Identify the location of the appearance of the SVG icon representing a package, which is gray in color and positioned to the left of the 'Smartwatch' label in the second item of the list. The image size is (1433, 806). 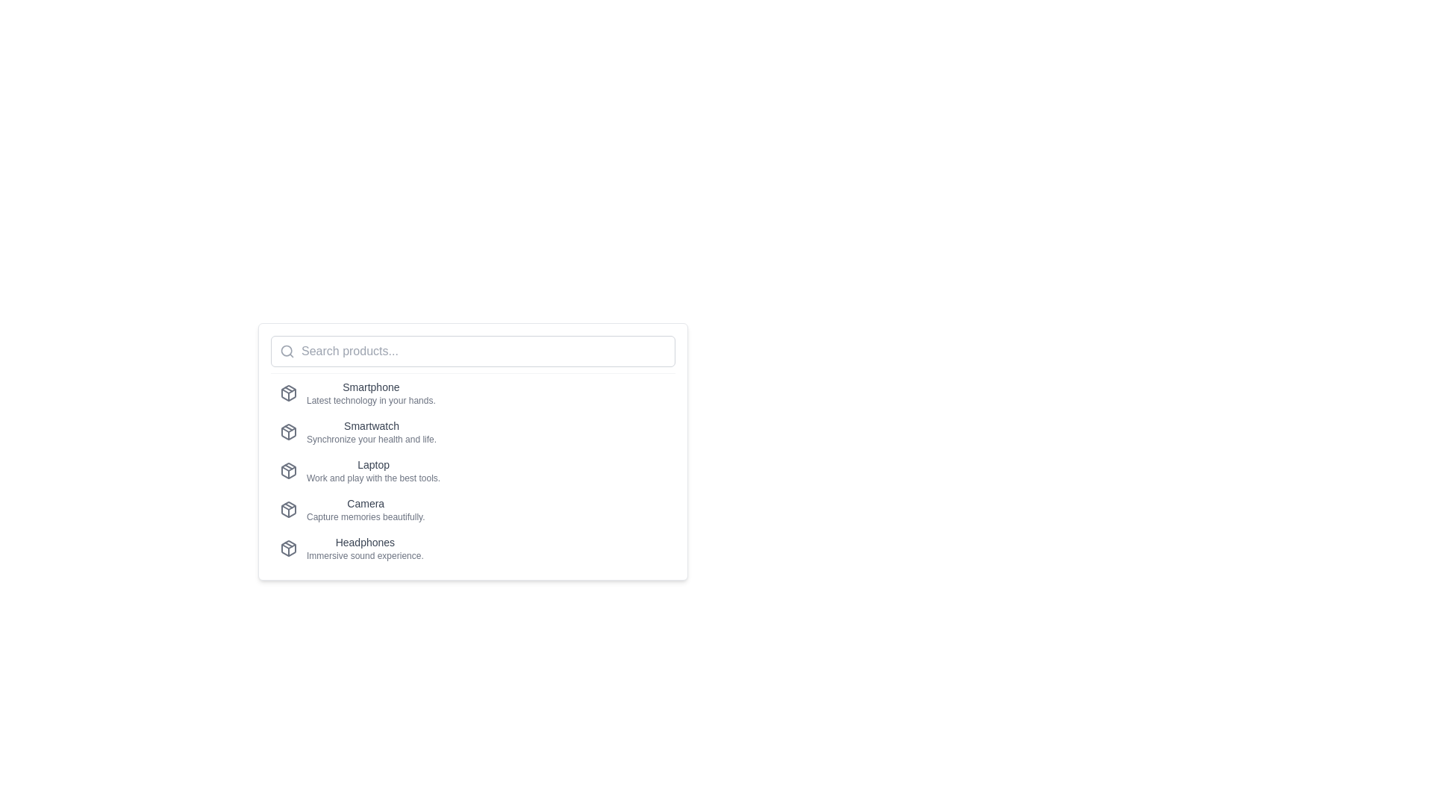
(289, 431).